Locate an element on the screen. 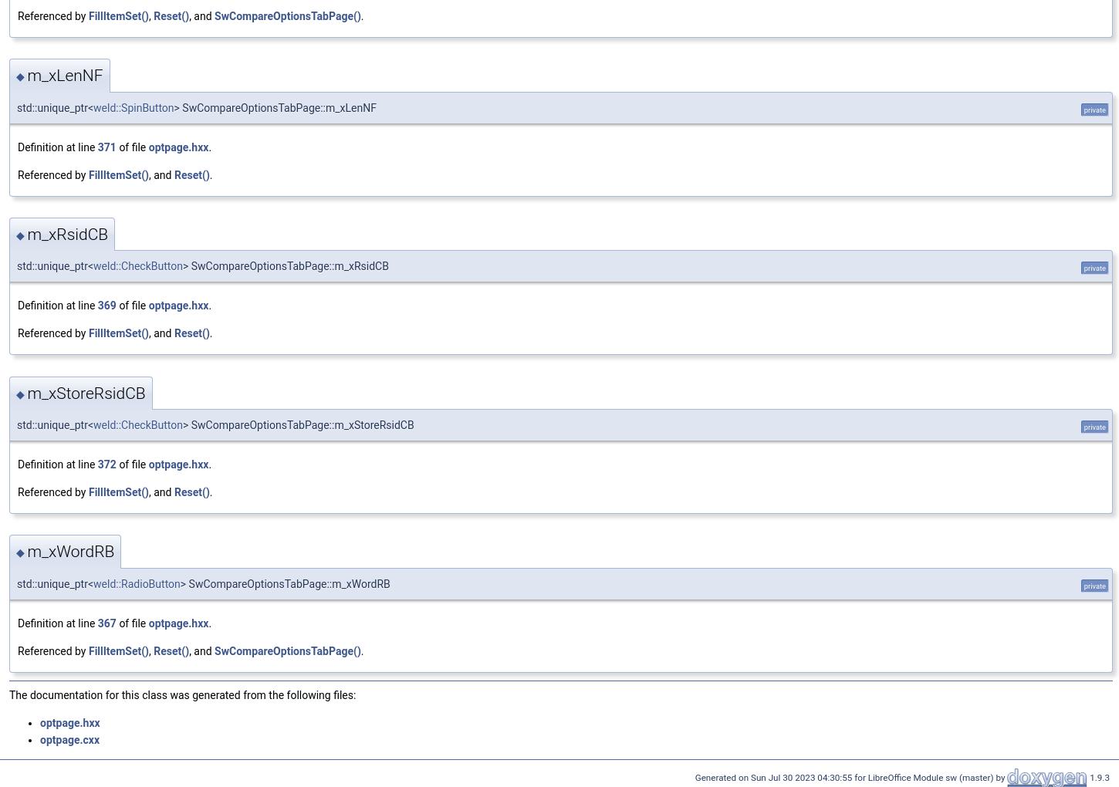  '> SwCompareOptionsTabPage::m_xLenNF' is located at coordinates (274, 107).